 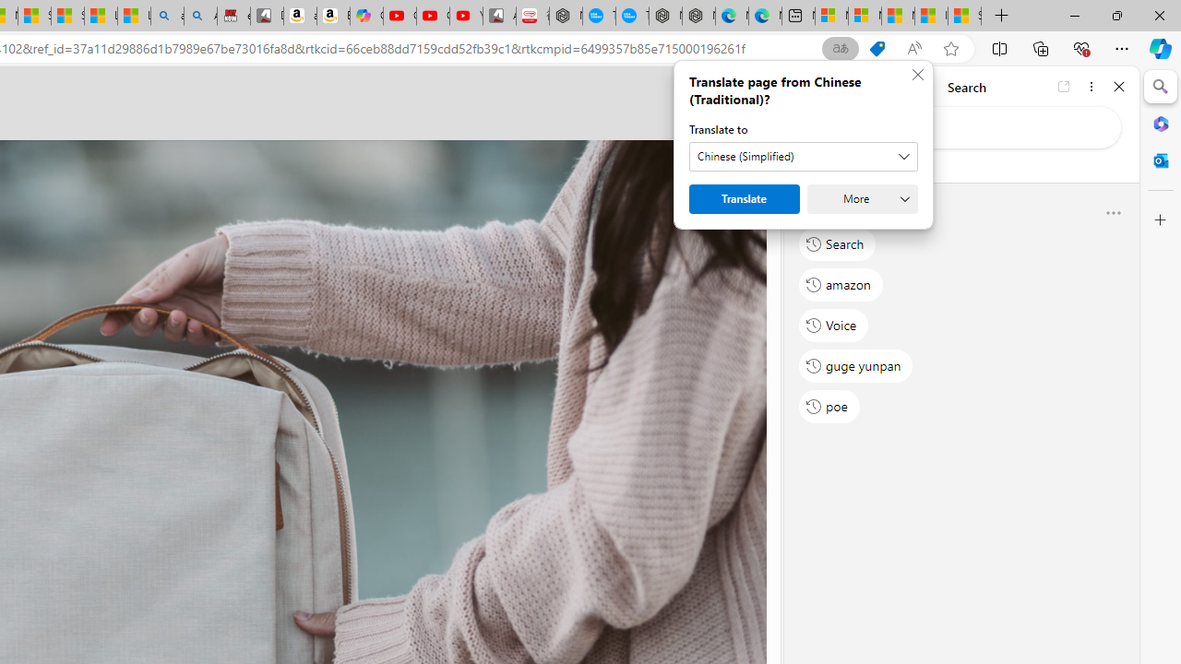 I want to click on 'Gloom - YouTube', so click(x=432, y=16).